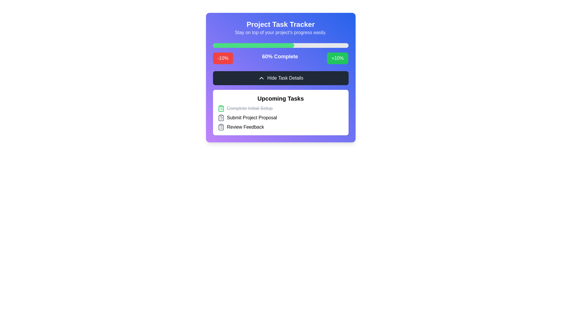 This screenshot has width=561, height=315. What do you see at coordinates (250, 108) in the screenshot?
I see `the text label that reads 'Complete Initial Setup' with a strikethrough, located as the first item in the 'Upcoming Tasks' list below the progress bar` at bounding box center [250, 108].